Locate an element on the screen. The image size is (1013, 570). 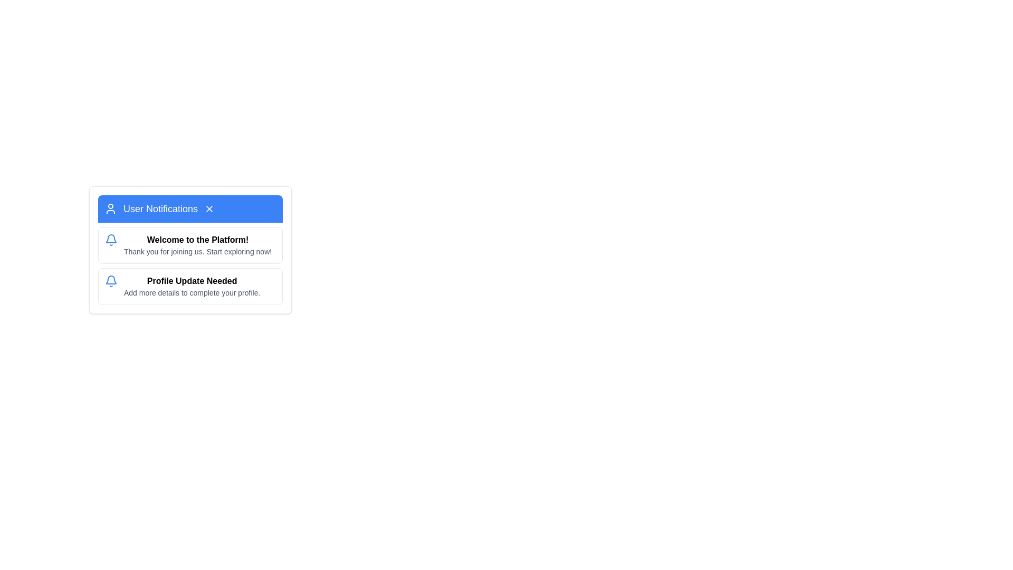
text label that displays 'User Notifications' which is styled with a white font on a blue background, positioned in the header section of the card layout is located at coordinates (160, 209).